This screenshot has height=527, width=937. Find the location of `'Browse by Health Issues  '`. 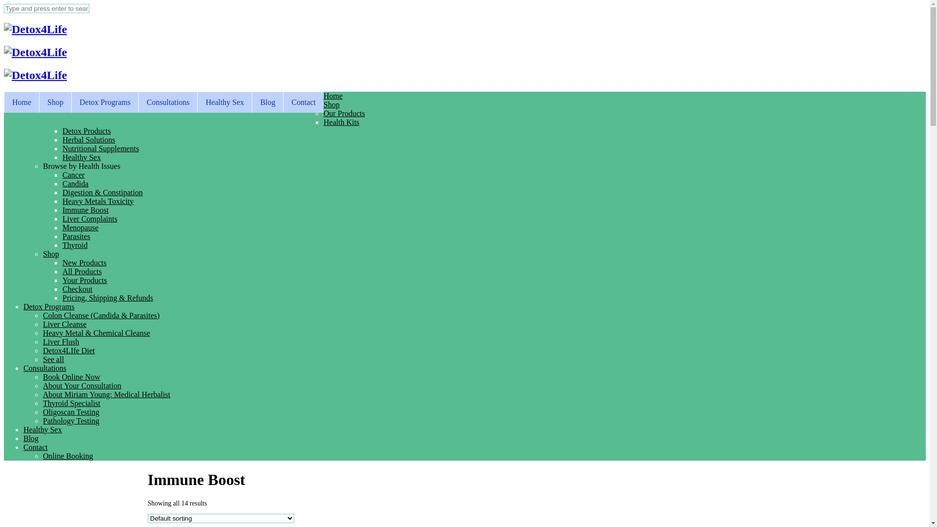

'Browse by Health Issues  ' is located at coordinates (83, 165).